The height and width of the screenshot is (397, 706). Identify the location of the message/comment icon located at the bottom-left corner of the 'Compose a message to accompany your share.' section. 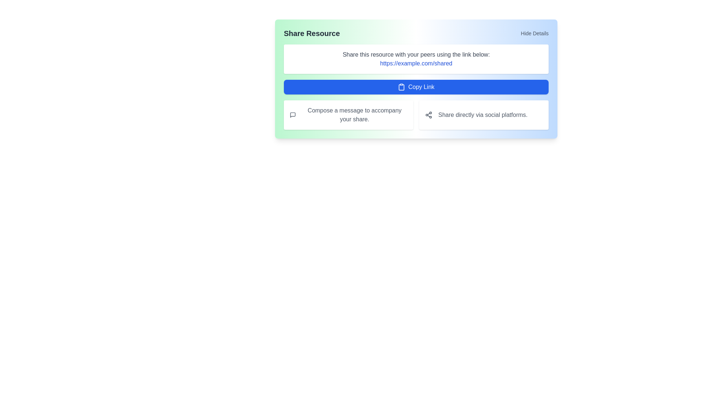
(292, 115).